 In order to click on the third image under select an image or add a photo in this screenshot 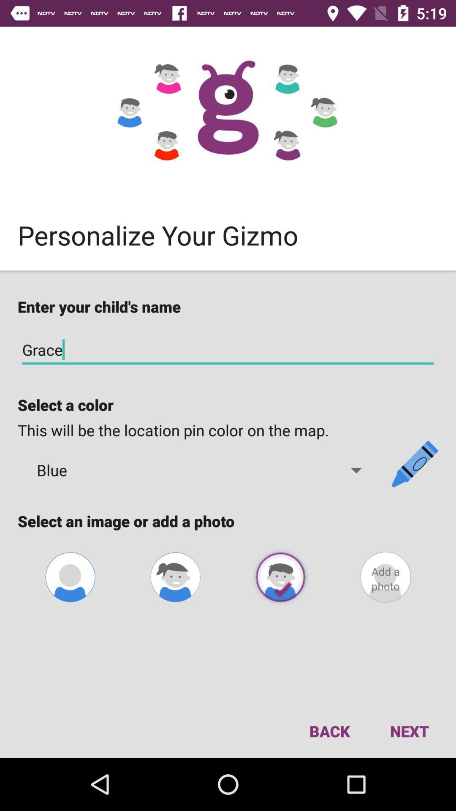, I will do `click(280, 577)`.